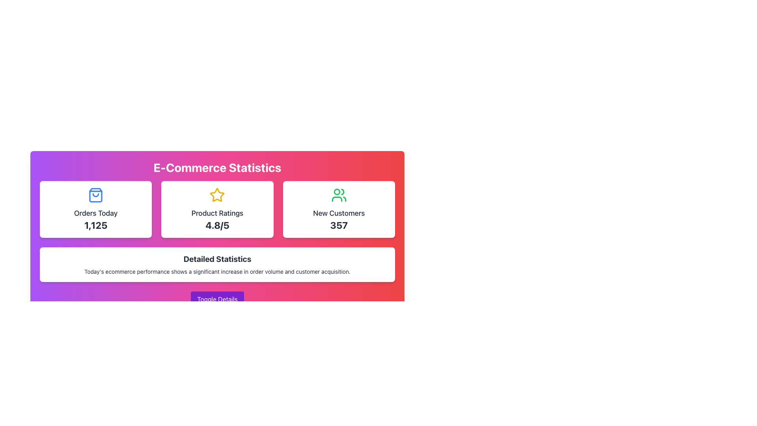 The height and width of the screenshot is (426, 757). Describe the element at coordinates (217, 225) in the screenshot. I see `the text element displaying the rating '4.8/5', which is bold and prominently styled in black, located beneath the 'Product Ratings' label` at that location.